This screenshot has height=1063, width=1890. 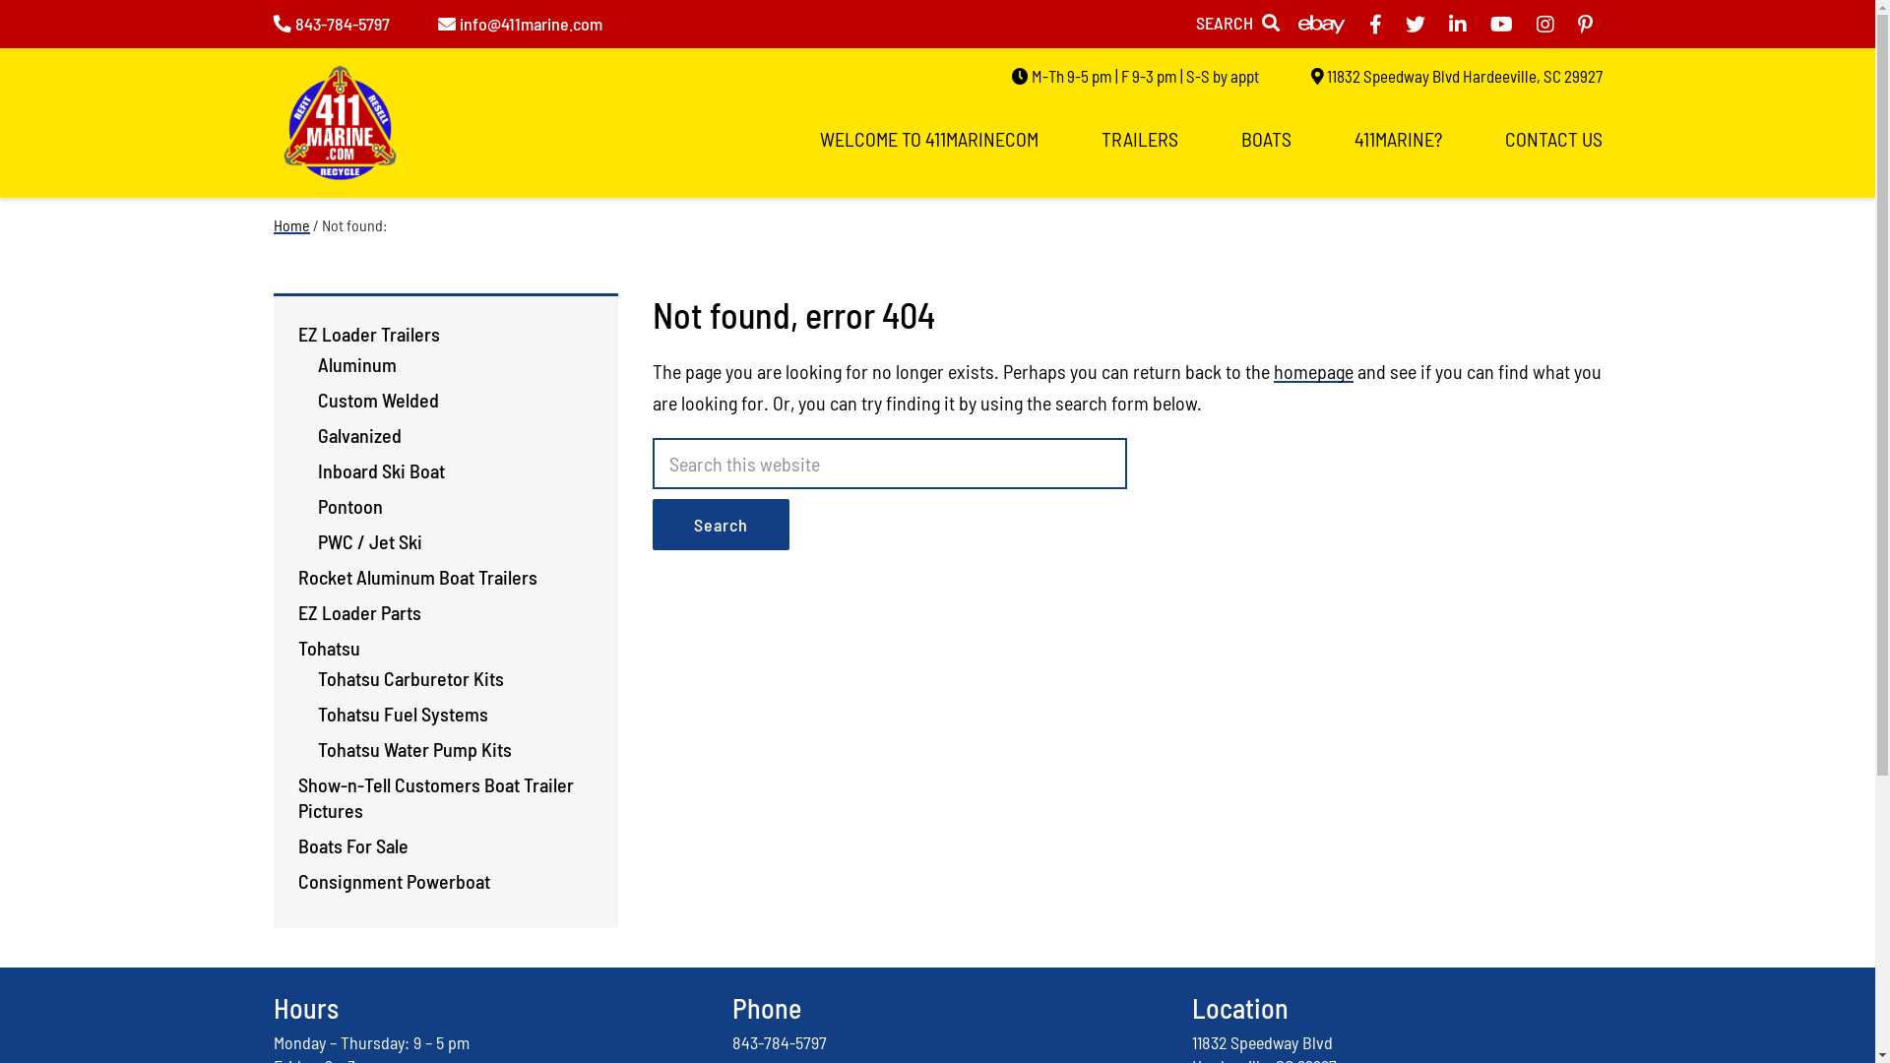 What do you see at coordinates (779, 1041) in the screenshot?
I see `'843-784-5797'` at bounding box center [779, 1041].